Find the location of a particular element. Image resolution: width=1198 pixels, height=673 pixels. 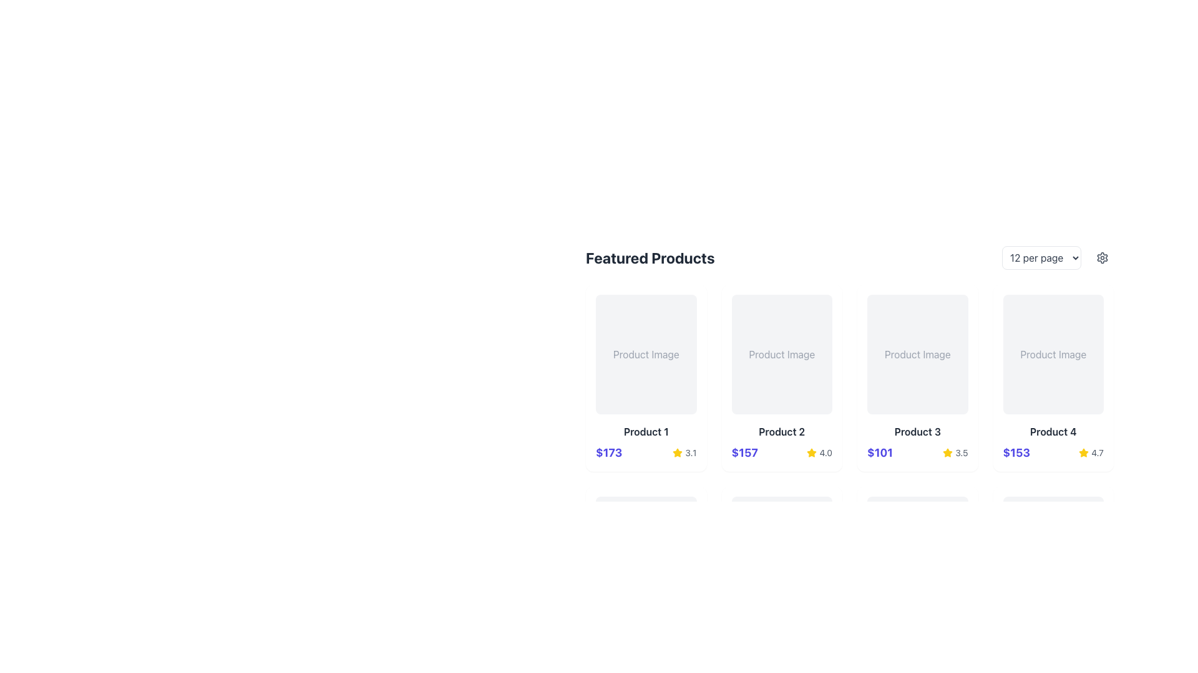

the 'Product Image' text label, which is styled in gray and located within the first product card of the 'Featured Products' section is located at coordinates (646, 355).